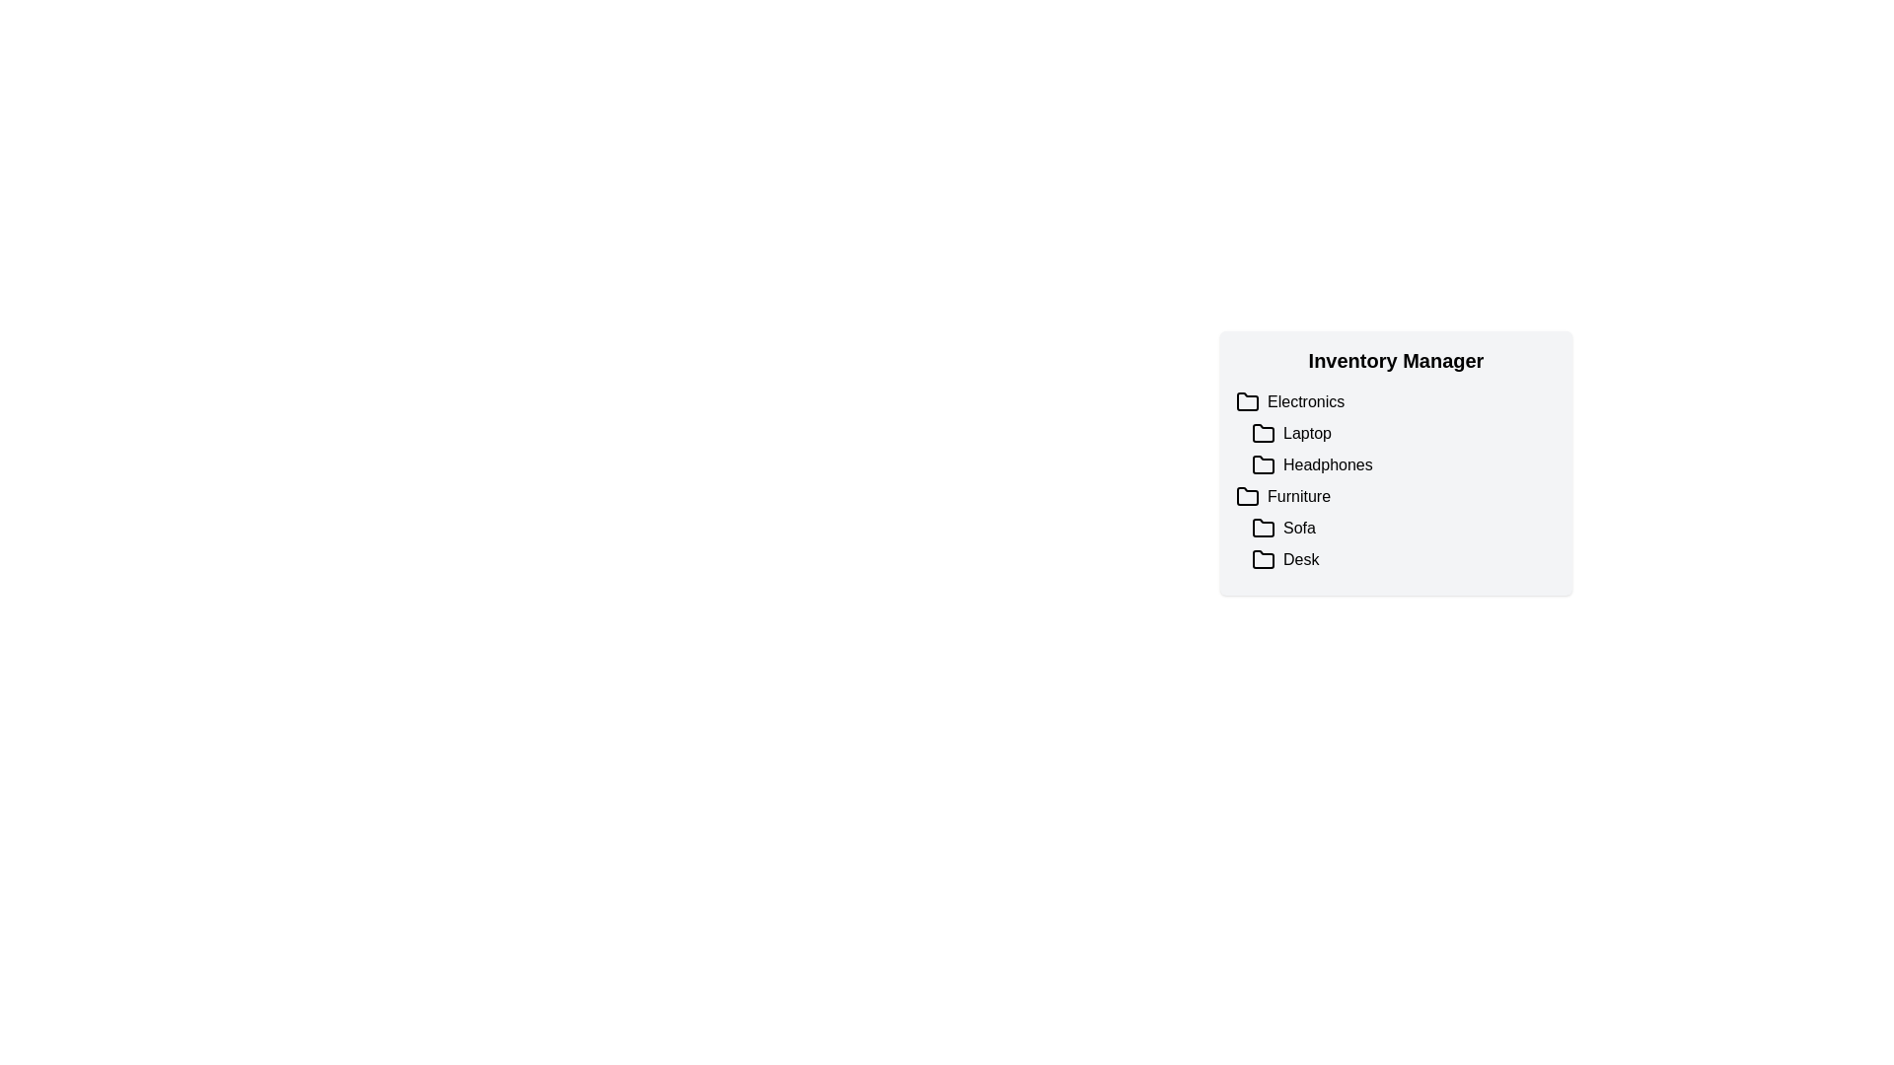  What do you see at coordinates (1247, 400) in the screenshot?
I see `the folder icon indicating 'Electronics' in the directory, located at the top left part of the list area under the 'Inventory Manager' title` at bounding box center [1247, 400].